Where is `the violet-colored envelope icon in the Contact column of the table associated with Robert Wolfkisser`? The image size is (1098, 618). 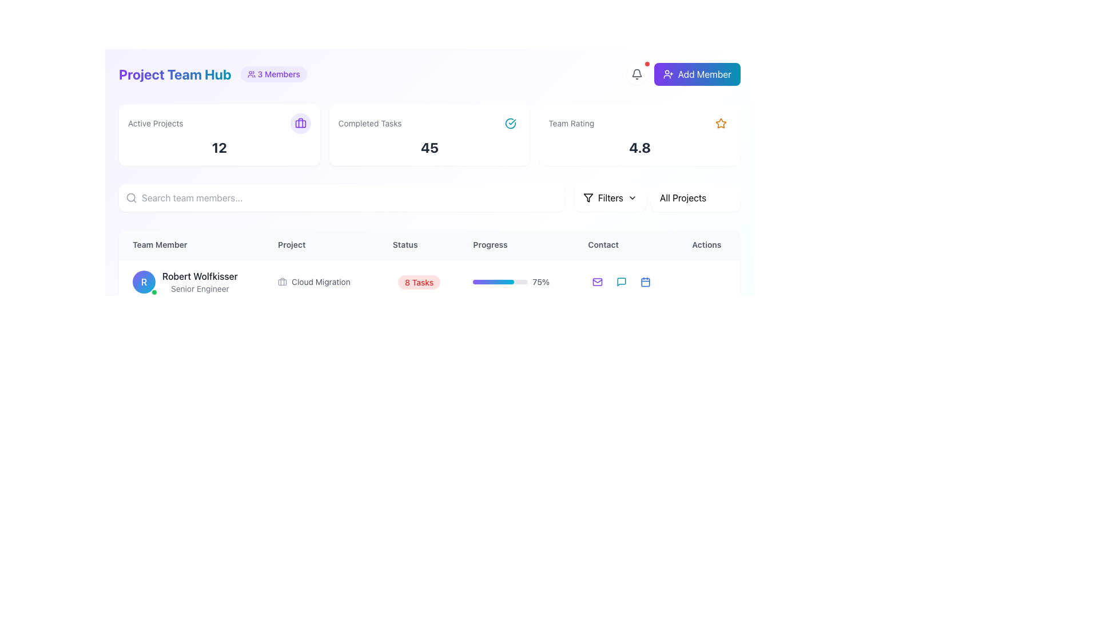 the violet-colored envelope icon in the Contact column of the table associated with Robert Wolfkisser is located at coordinates (597, 282).